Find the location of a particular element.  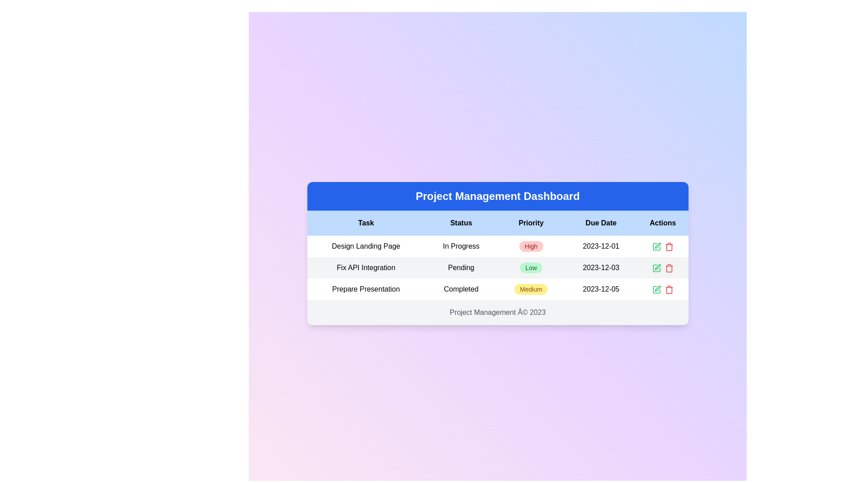

the trash can icon button in the third row of the 'Actions' column is located at coordinates (669, 289).